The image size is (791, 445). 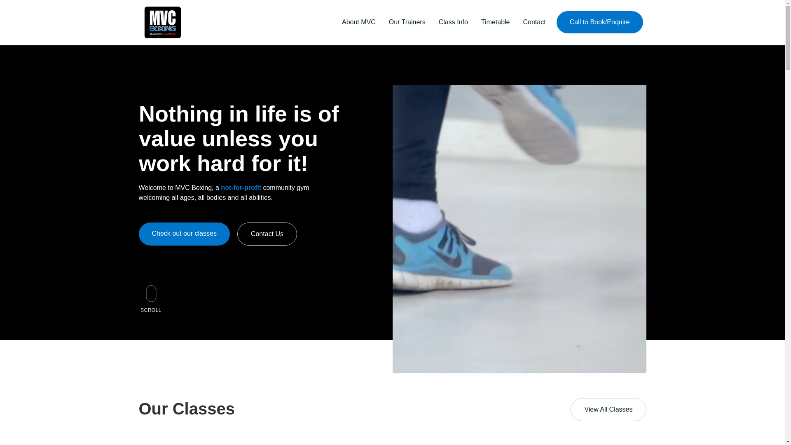 What do you see at coordinates (534, 22) in the screenshot?
I see `'Contact'` at bounding box center [534, 22].